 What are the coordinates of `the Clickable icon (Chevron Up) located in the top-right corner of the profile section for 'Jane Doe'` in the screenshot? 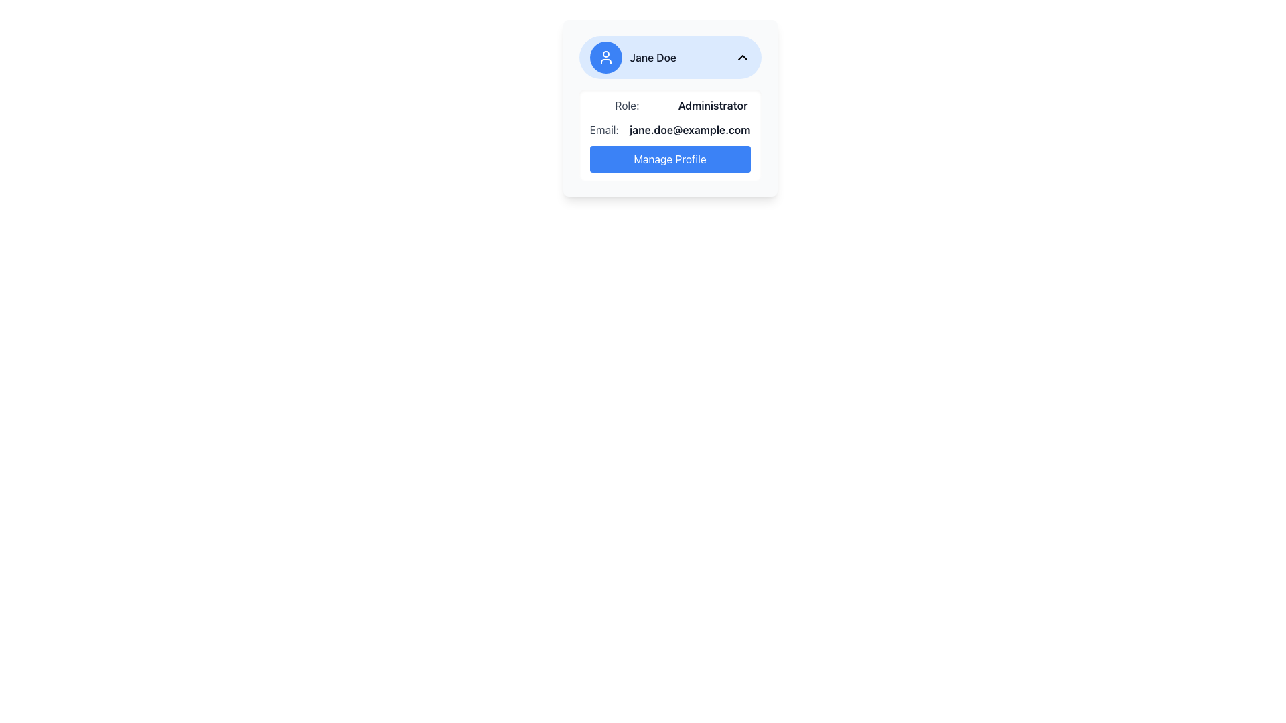 It's located at (741, 56).